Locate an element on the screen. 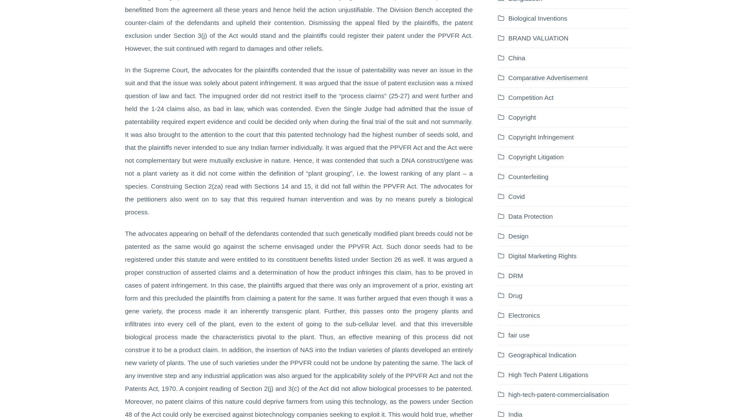 The image size is (754, 418). 'China' is located at coordinates (516, 57).